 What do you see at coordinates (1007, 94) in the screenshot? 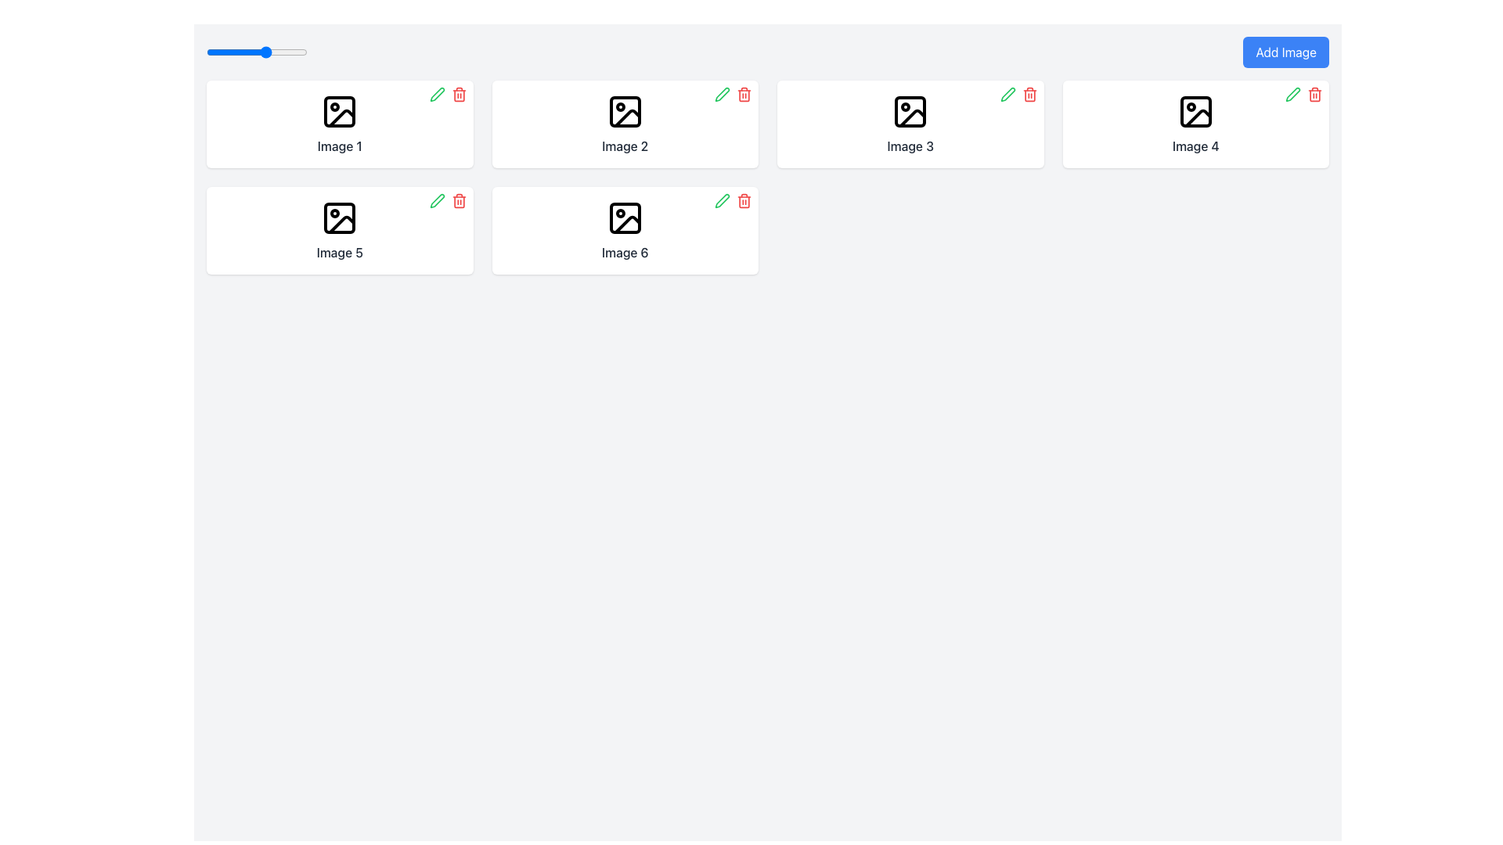
I see `the green pen edit icon located at the top-right corner of the image card to initiate editing` at bounding box center [1007, 94].